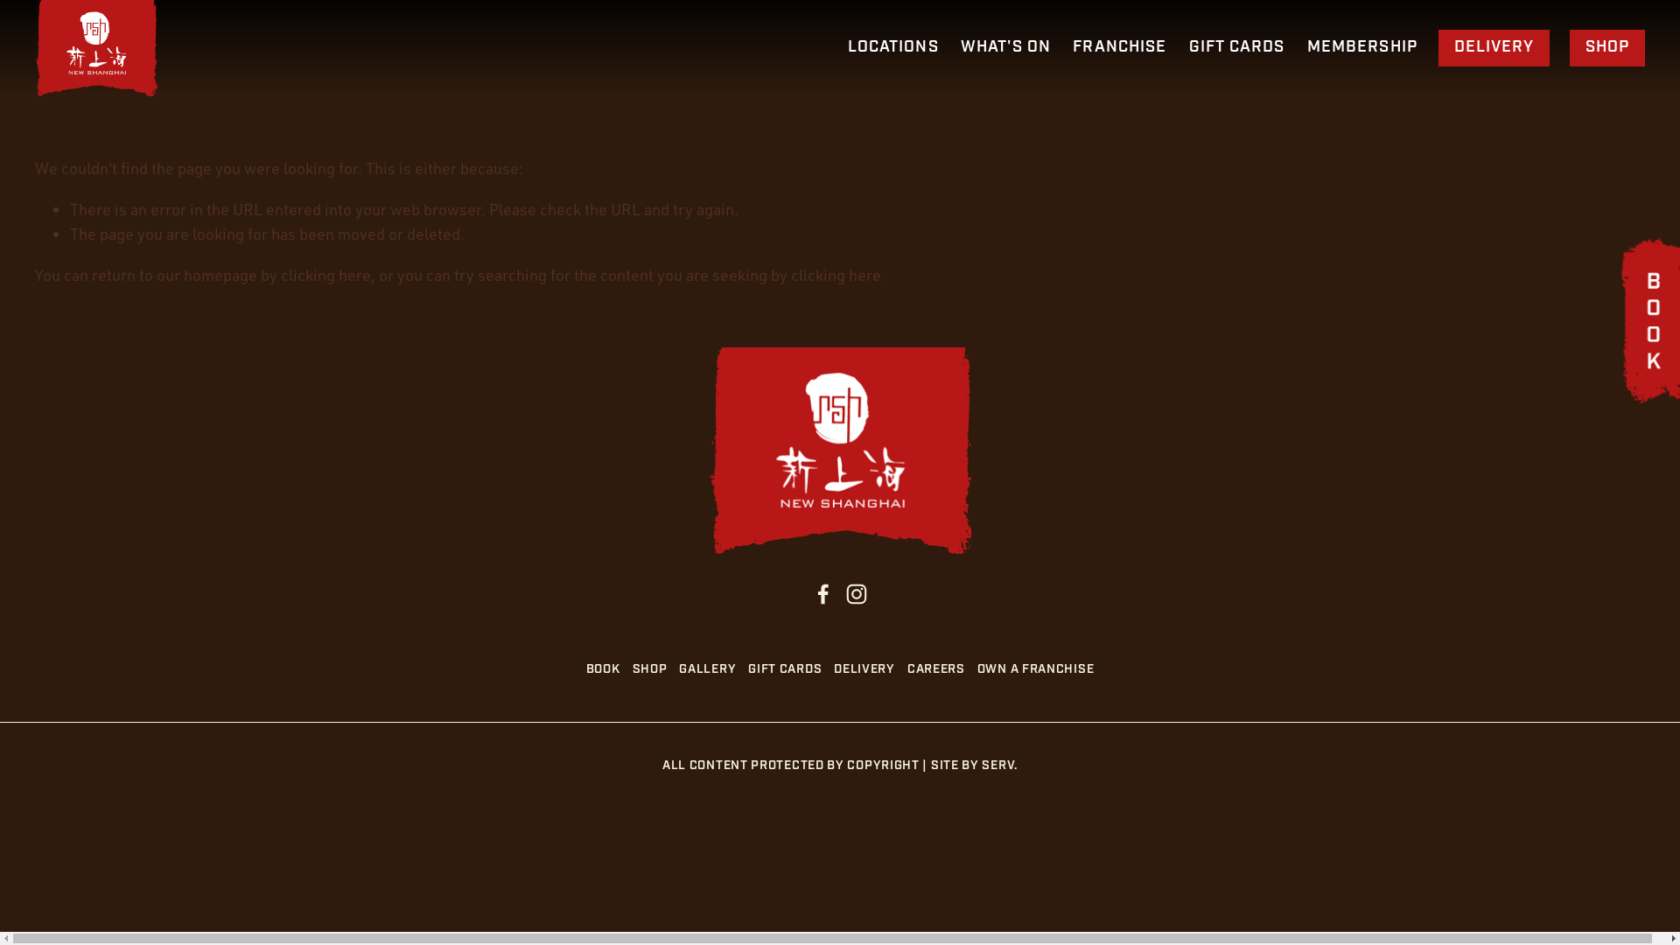 The image size is (1680, 945). Describe the element at coordinates (281, 274) in the screenshot. I see `'clicking here'` at that location.